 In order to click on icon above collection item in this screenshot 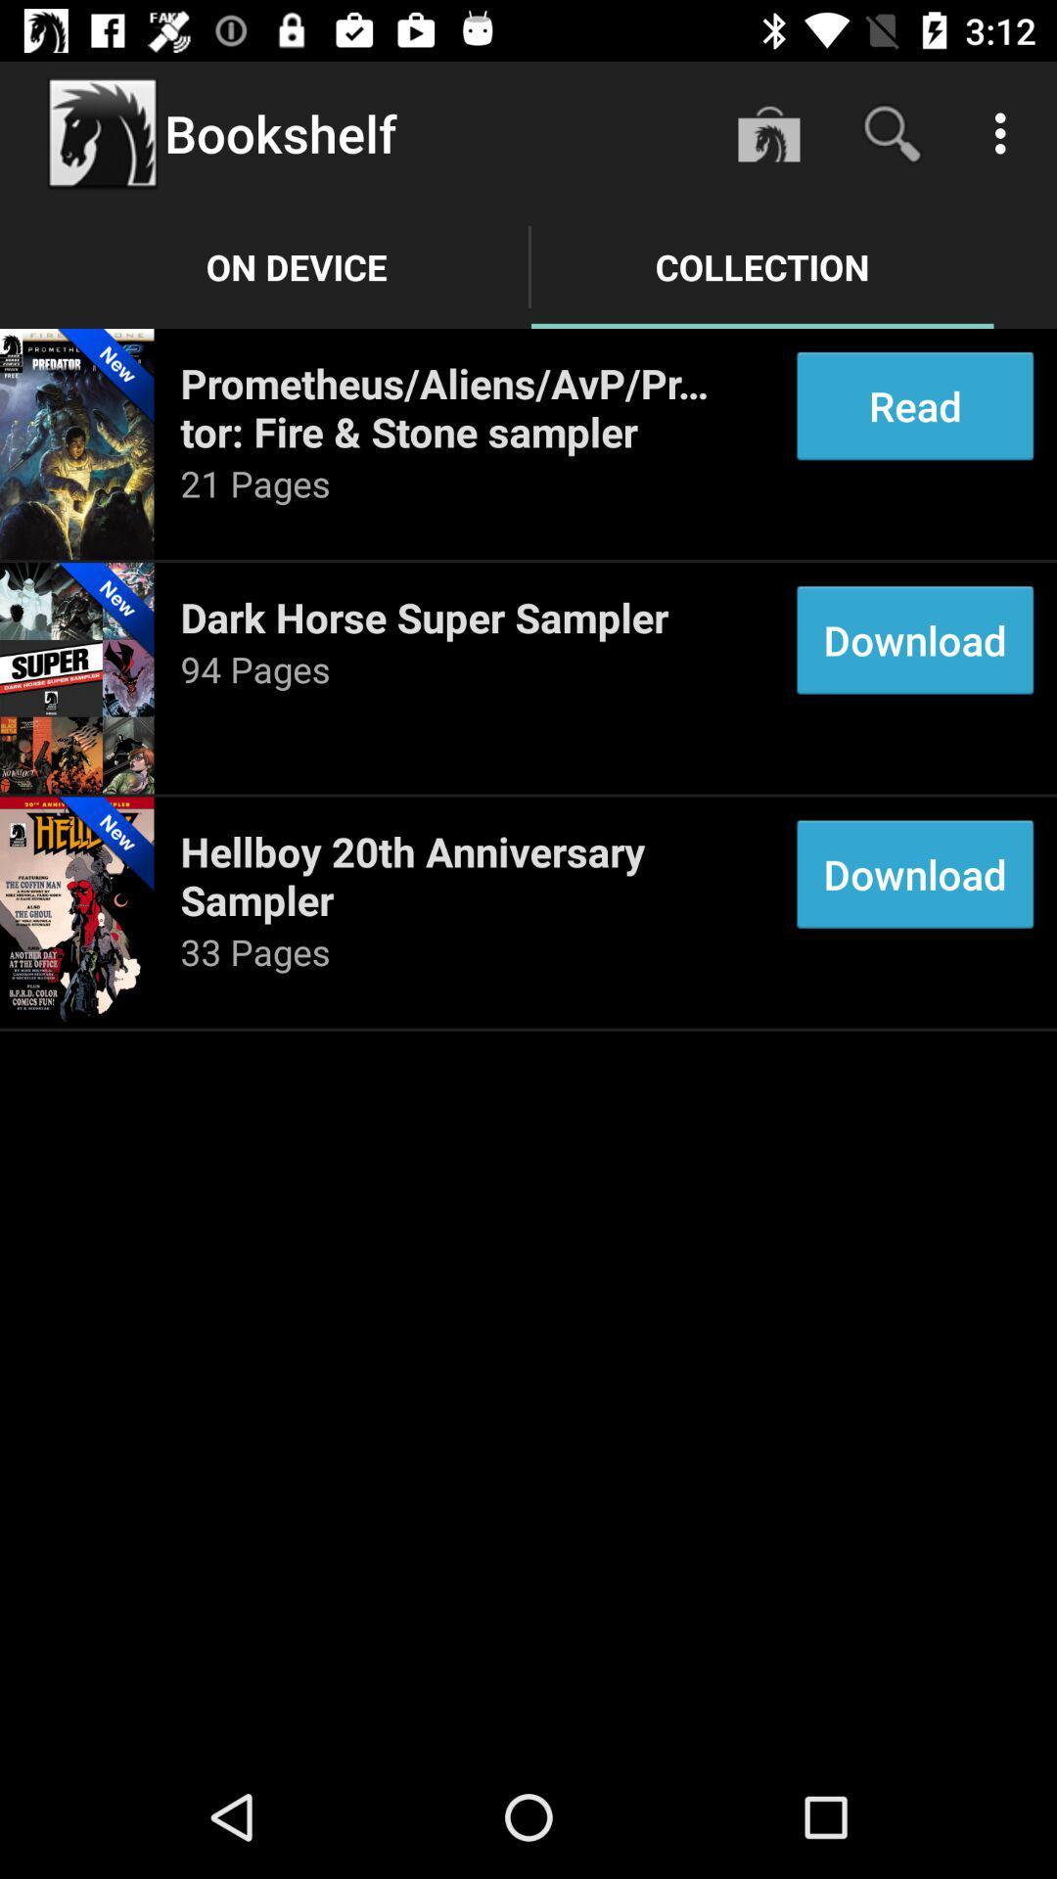, I will do `click(892, 132)`.